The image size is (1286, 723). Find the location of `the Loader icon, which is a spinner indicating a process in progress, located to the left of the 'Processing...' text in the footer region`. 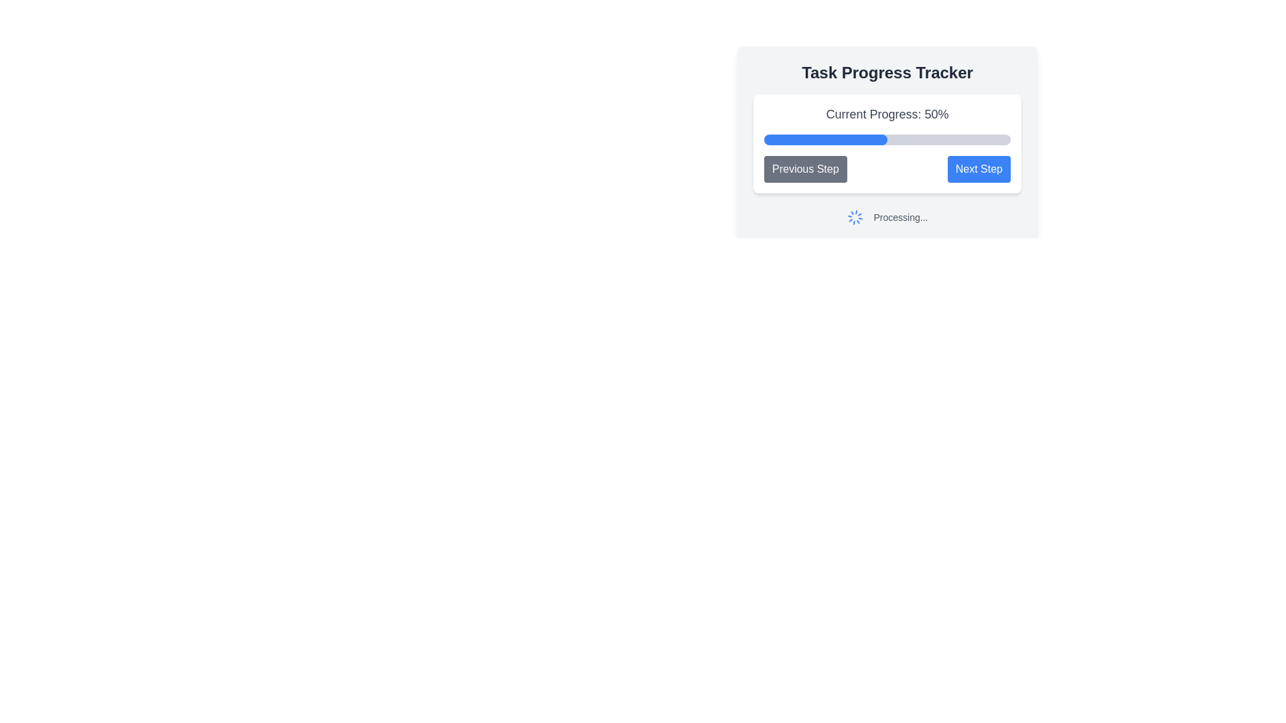

the Loader icon, which is a spinner indicating a process in progress, located to the left of the 'Processing...' text in the footer region is located at coordinates (854, 216).